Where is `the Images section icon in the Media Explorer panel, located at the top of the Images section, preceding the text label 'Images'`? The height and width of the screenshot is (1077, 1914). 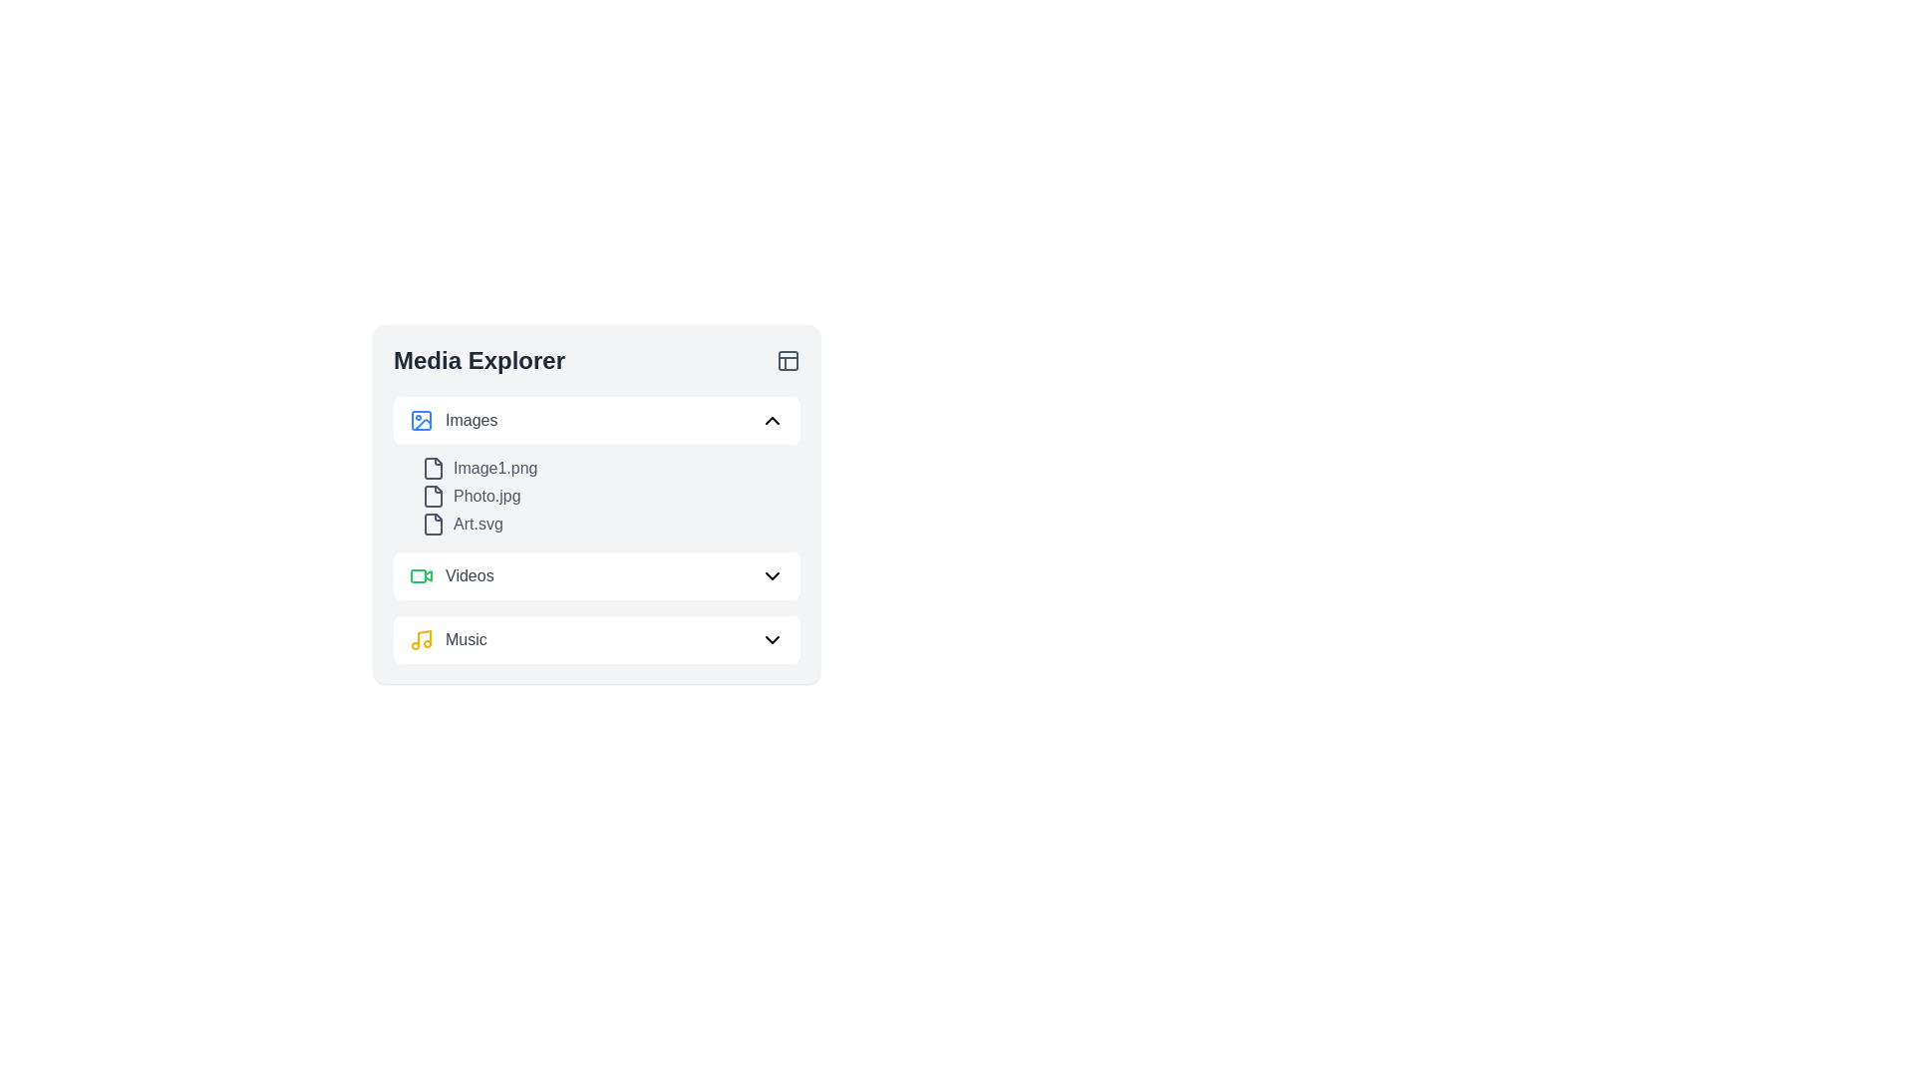 the Images section icon in the Media Explorer panel, located at the top of the Images section, preceding the text label 'Images' is located at coordinates (420, 419).